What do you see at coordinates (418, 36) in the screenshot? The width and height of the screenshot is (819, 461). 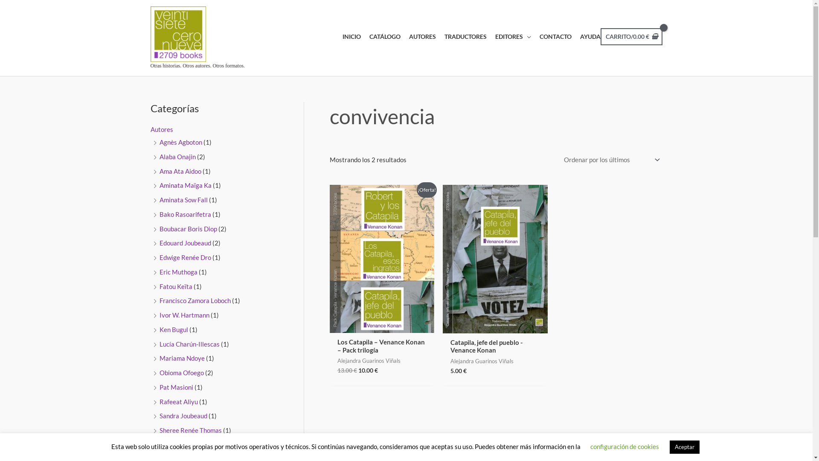 I see `'AUTORES'` at bounding box center [418, 36].